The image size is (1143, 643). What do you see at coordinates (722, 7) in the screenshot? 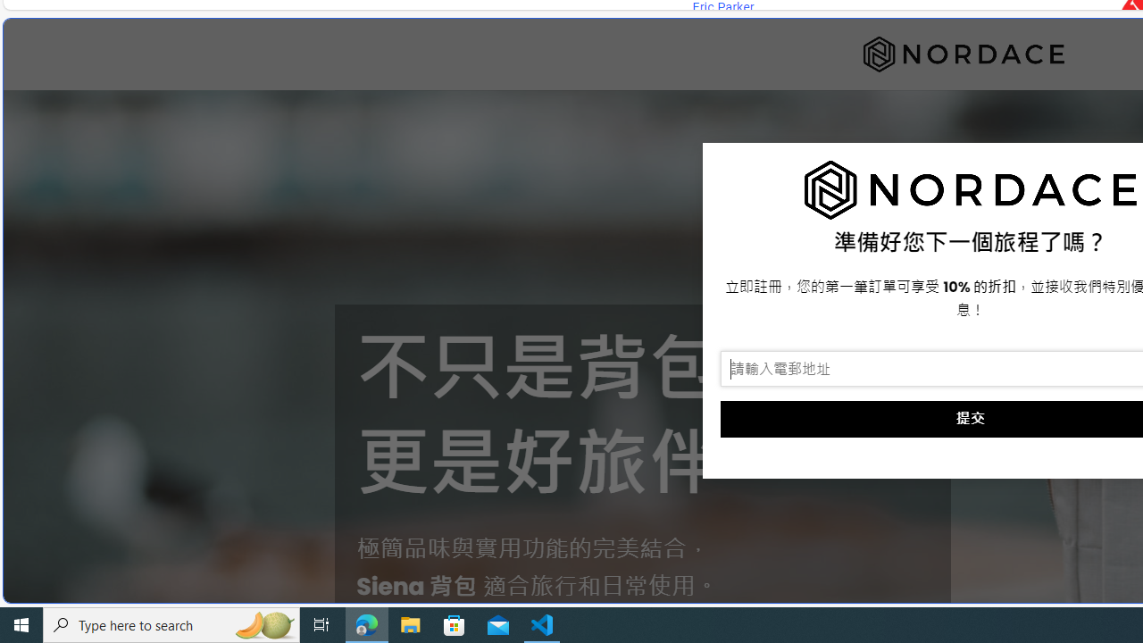
I see `'Eric Parker'` at bounding box center [722, 7].